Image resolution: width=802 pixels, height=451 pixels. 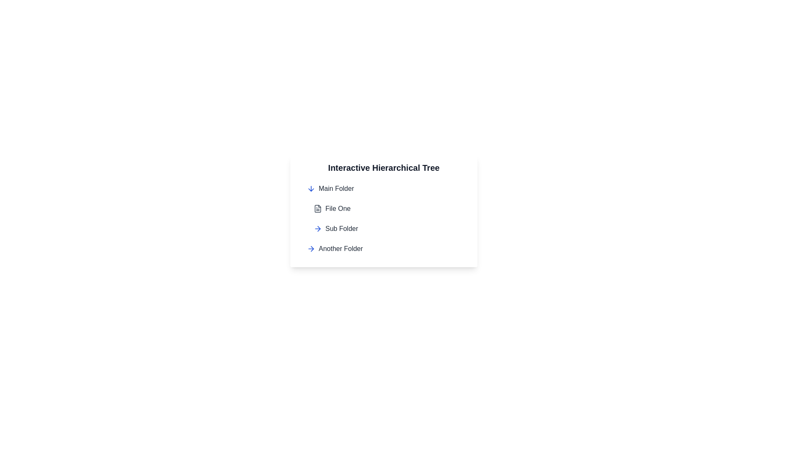 I want to click on the arrow icon that signifies the expand or collapse functionality of the 'Main Folder' item in the hierarchical tree, so click(x=310, y=188).